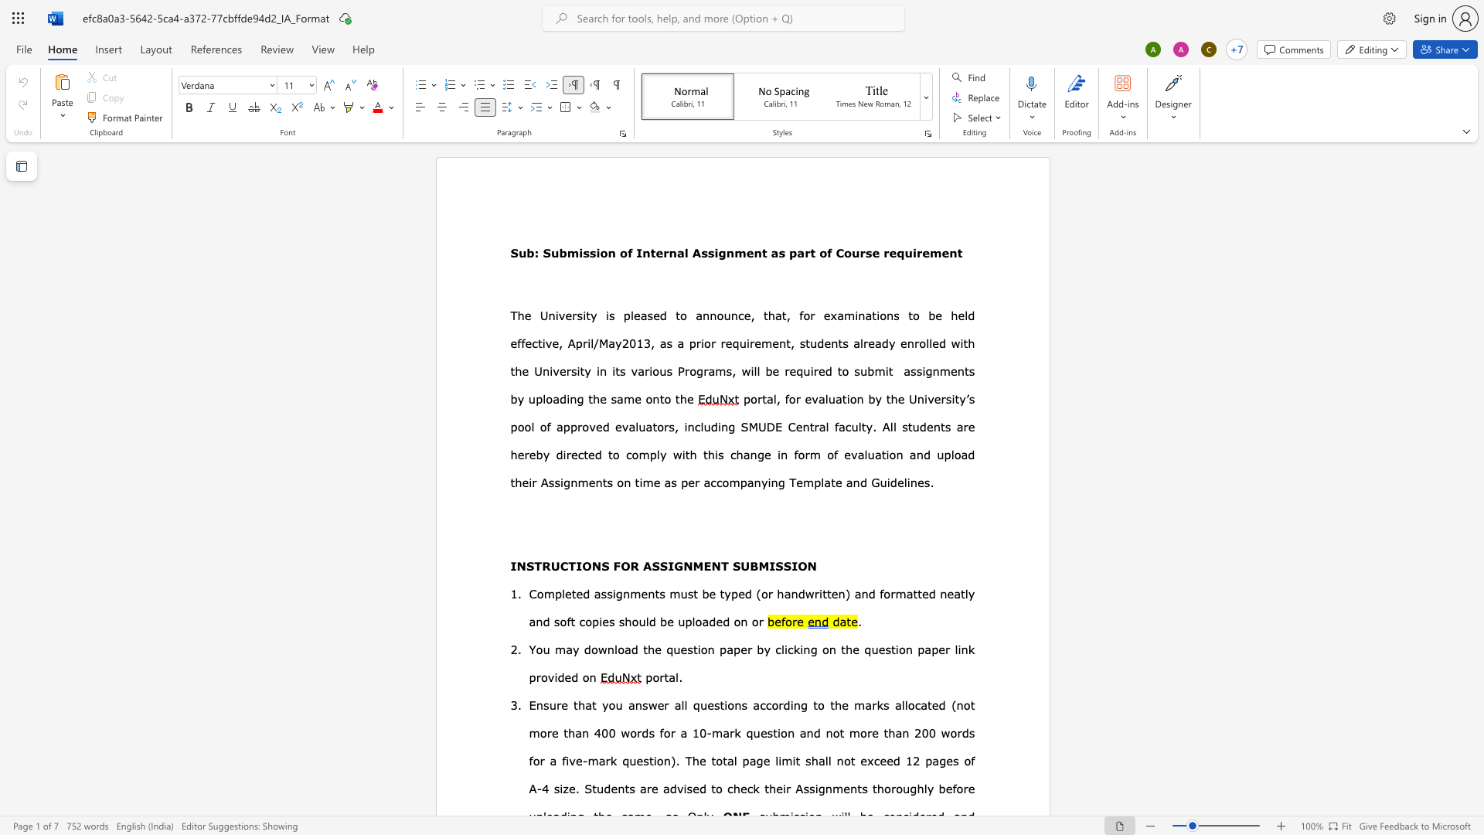 The width and height of the screenshot is (1484, 835). I want to click on the space between the continuous character "i" and "d" in the text, so click(891, 482).